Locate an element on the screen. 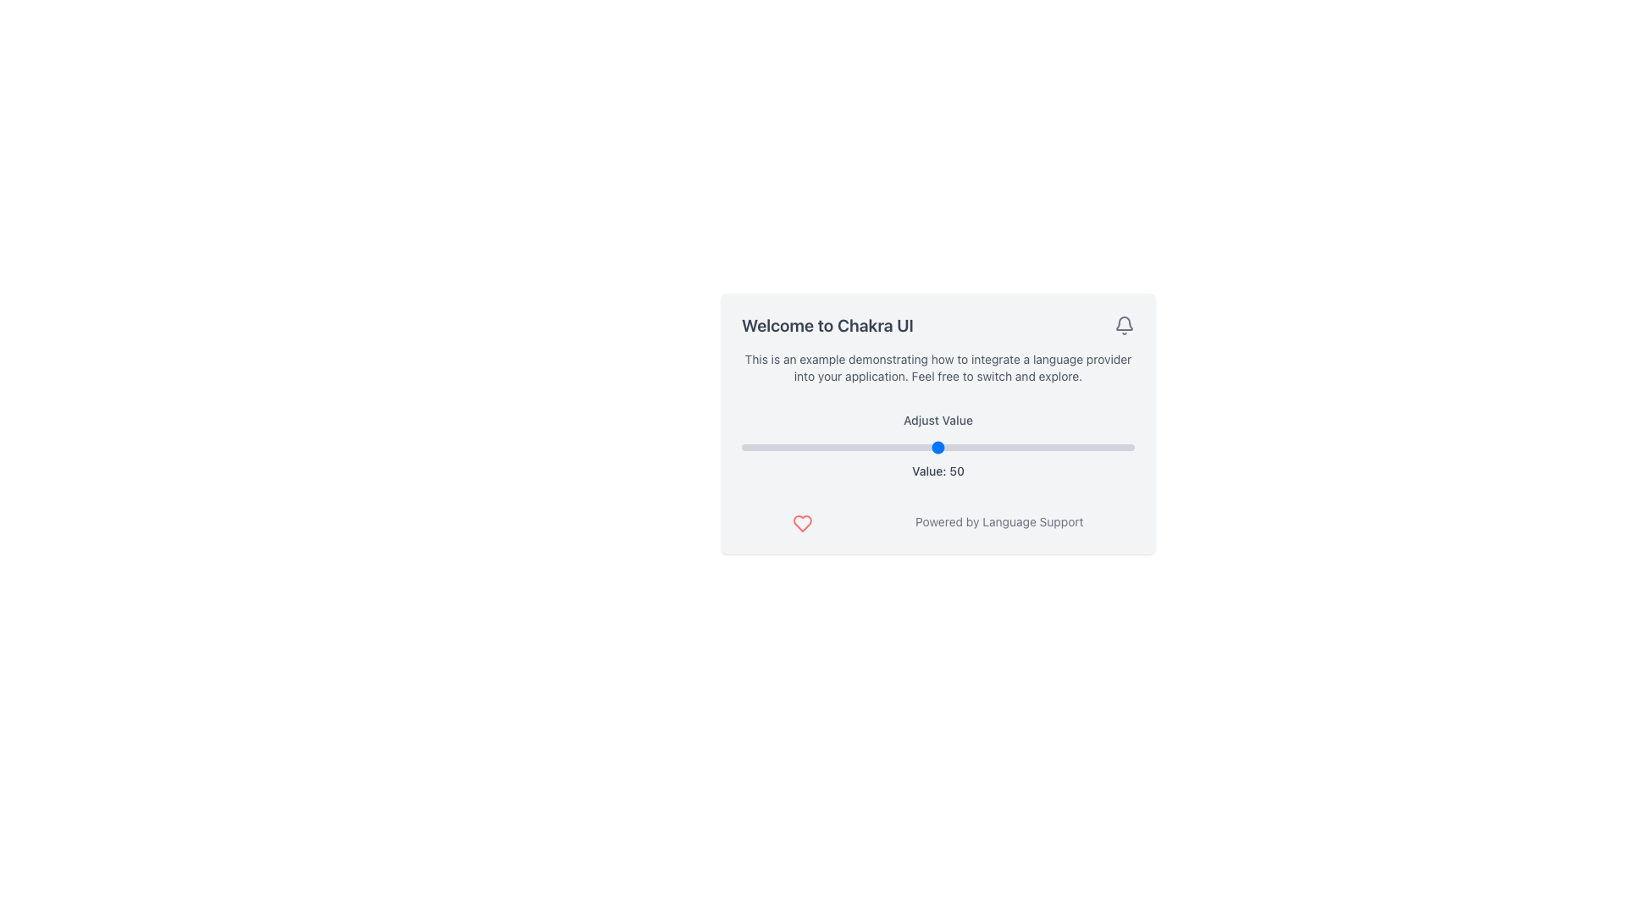  the slider value is located at coordinates (921, 446).